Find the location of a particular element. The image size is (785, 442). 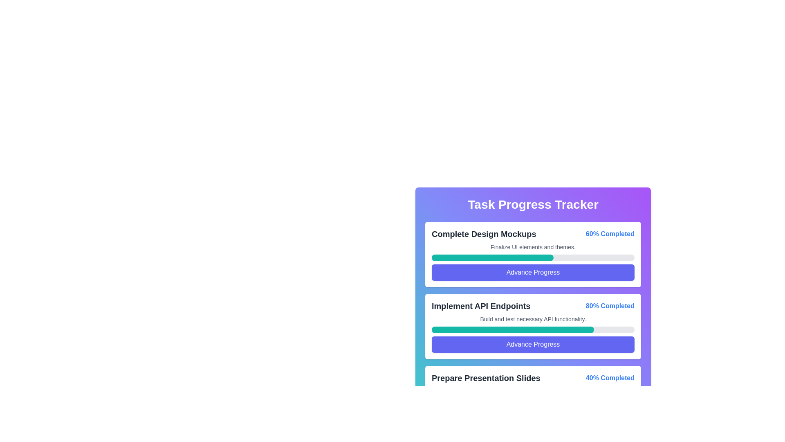

the progress bar segment indicating 80% completion of the task 'Implement API Endpoints', located horizontally centered under the title and above the action button is located at coordinates (512, 329).